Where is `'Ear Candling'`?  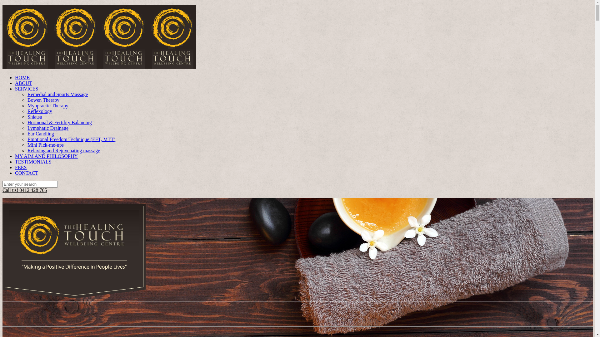 'Ear Candling' is located at coordinates (40, 133).